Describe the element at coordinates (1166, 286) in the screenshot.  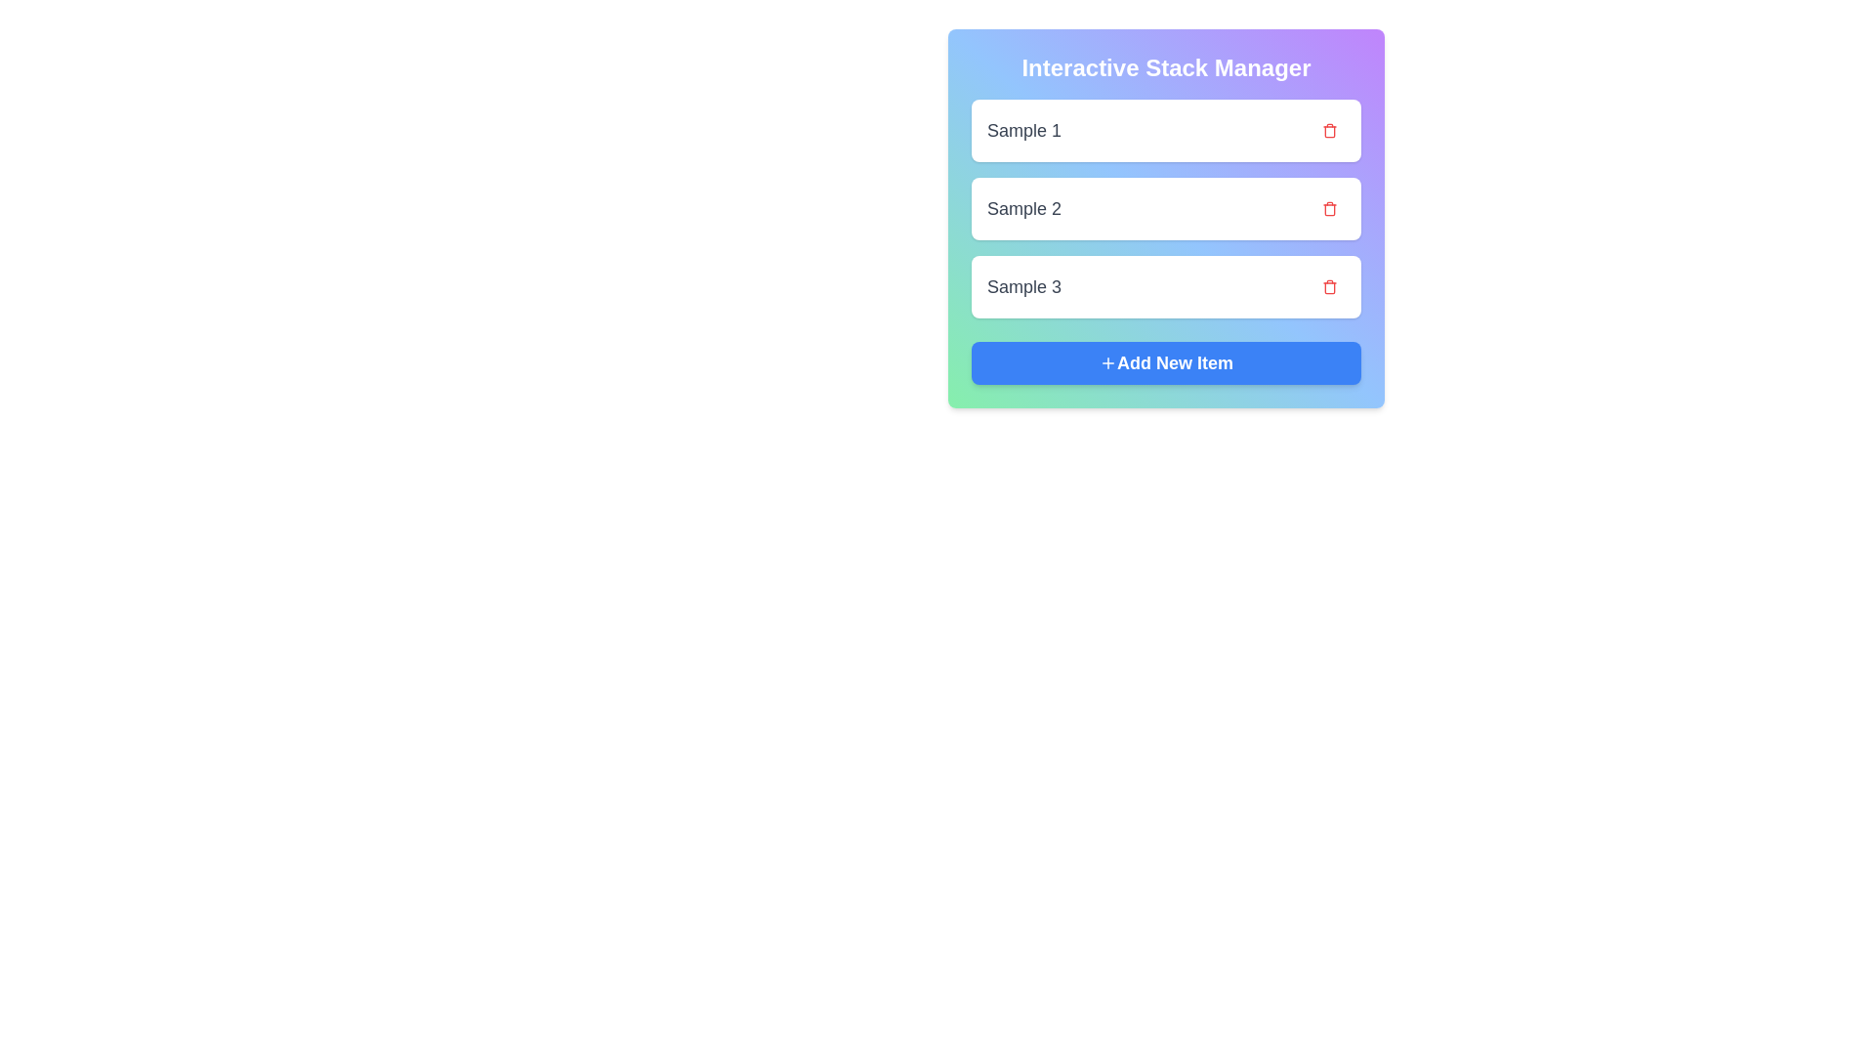
I see `the list item labeled 'Sample 3' with a trashcan icon on the right to prepare for interaction` at that location.